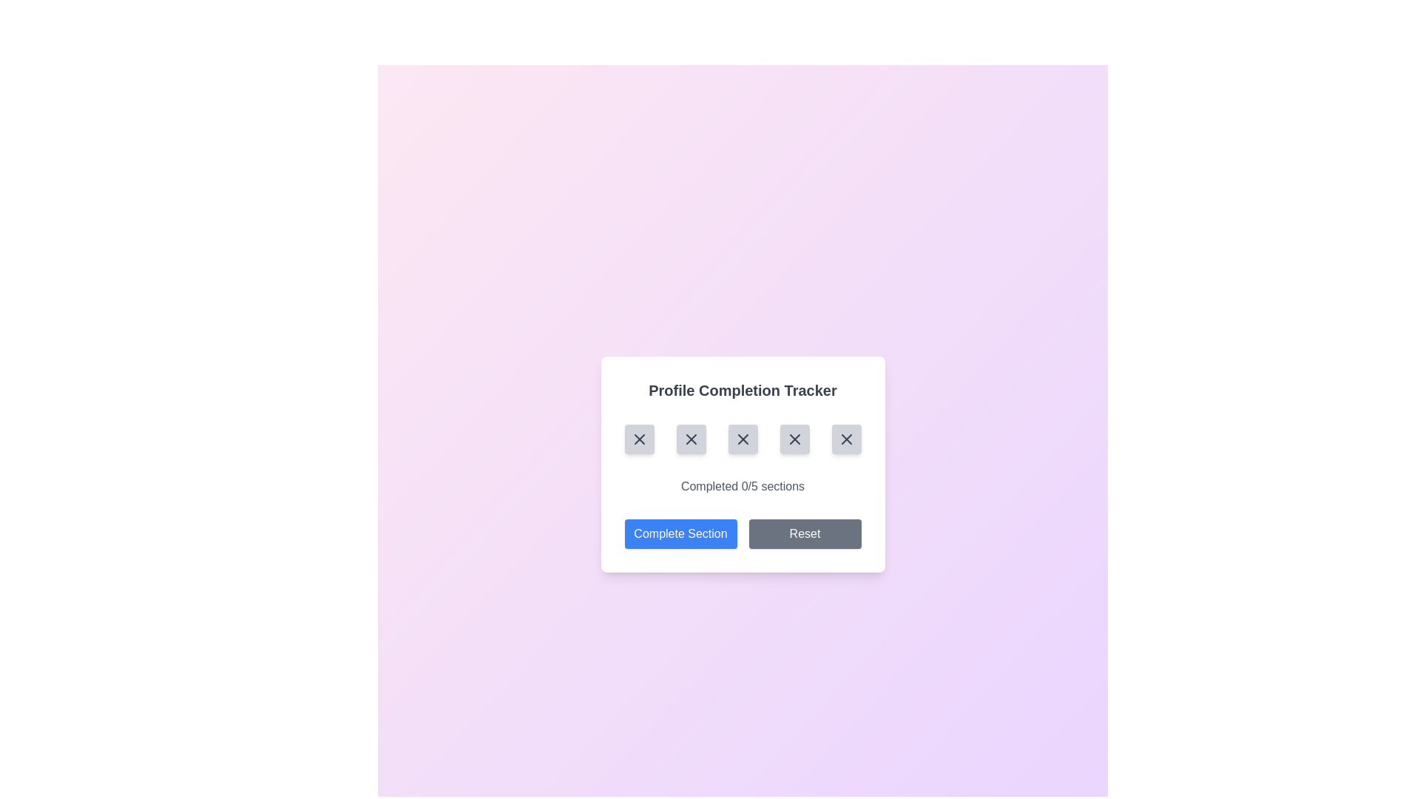 The width and height of the screenshot is (1420, 799). What do you see at coordinates (794, 439) in the screenshot?
I see `the SVG icon representing a non-completed section in the profile completion tracker interface, which is the fourth button in a group of five buttons` at bounding box center [794, 439].